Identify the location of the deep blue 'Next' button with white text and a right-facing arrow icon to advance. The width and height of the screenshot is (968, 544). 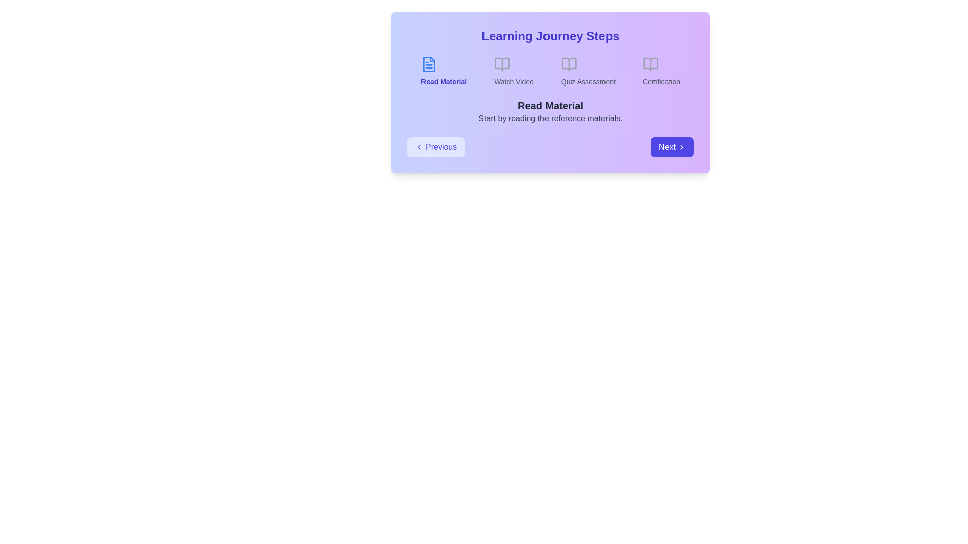
(672, 147).